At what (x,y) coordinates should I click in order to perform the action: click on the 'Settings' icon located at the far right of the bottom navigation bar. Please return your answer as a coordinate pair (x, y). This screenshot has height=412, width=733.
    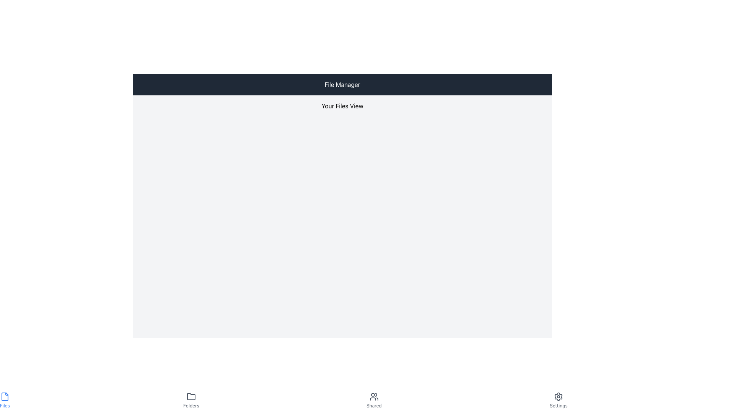
    Looking at the image, I should click on (559, 396).